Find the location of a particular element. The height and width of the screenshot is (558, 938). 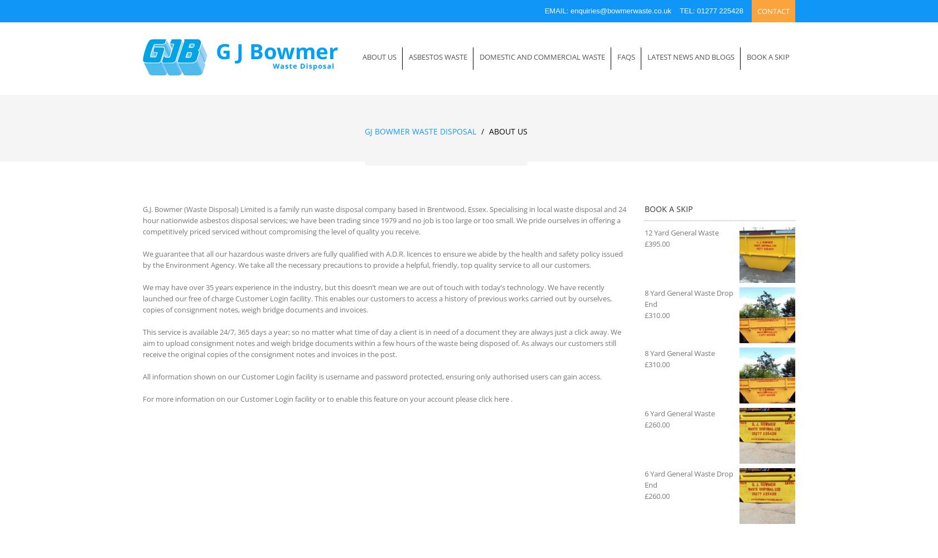

'/' is located at coordinates (482, 130).